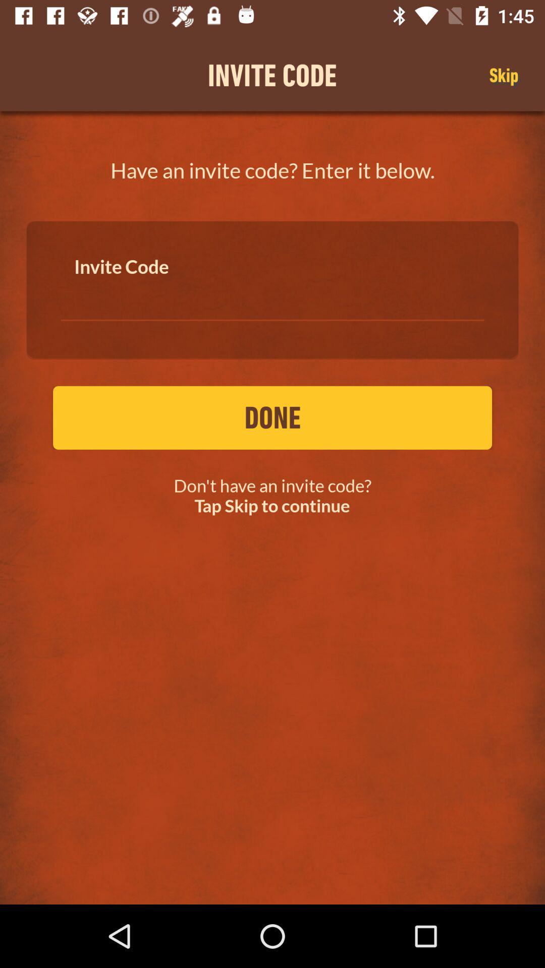 The image size is (545, 968). What do you see at coordinates (272, 296) in the screenshot?
I see `invitational code box` at bounding box center [272, 296].